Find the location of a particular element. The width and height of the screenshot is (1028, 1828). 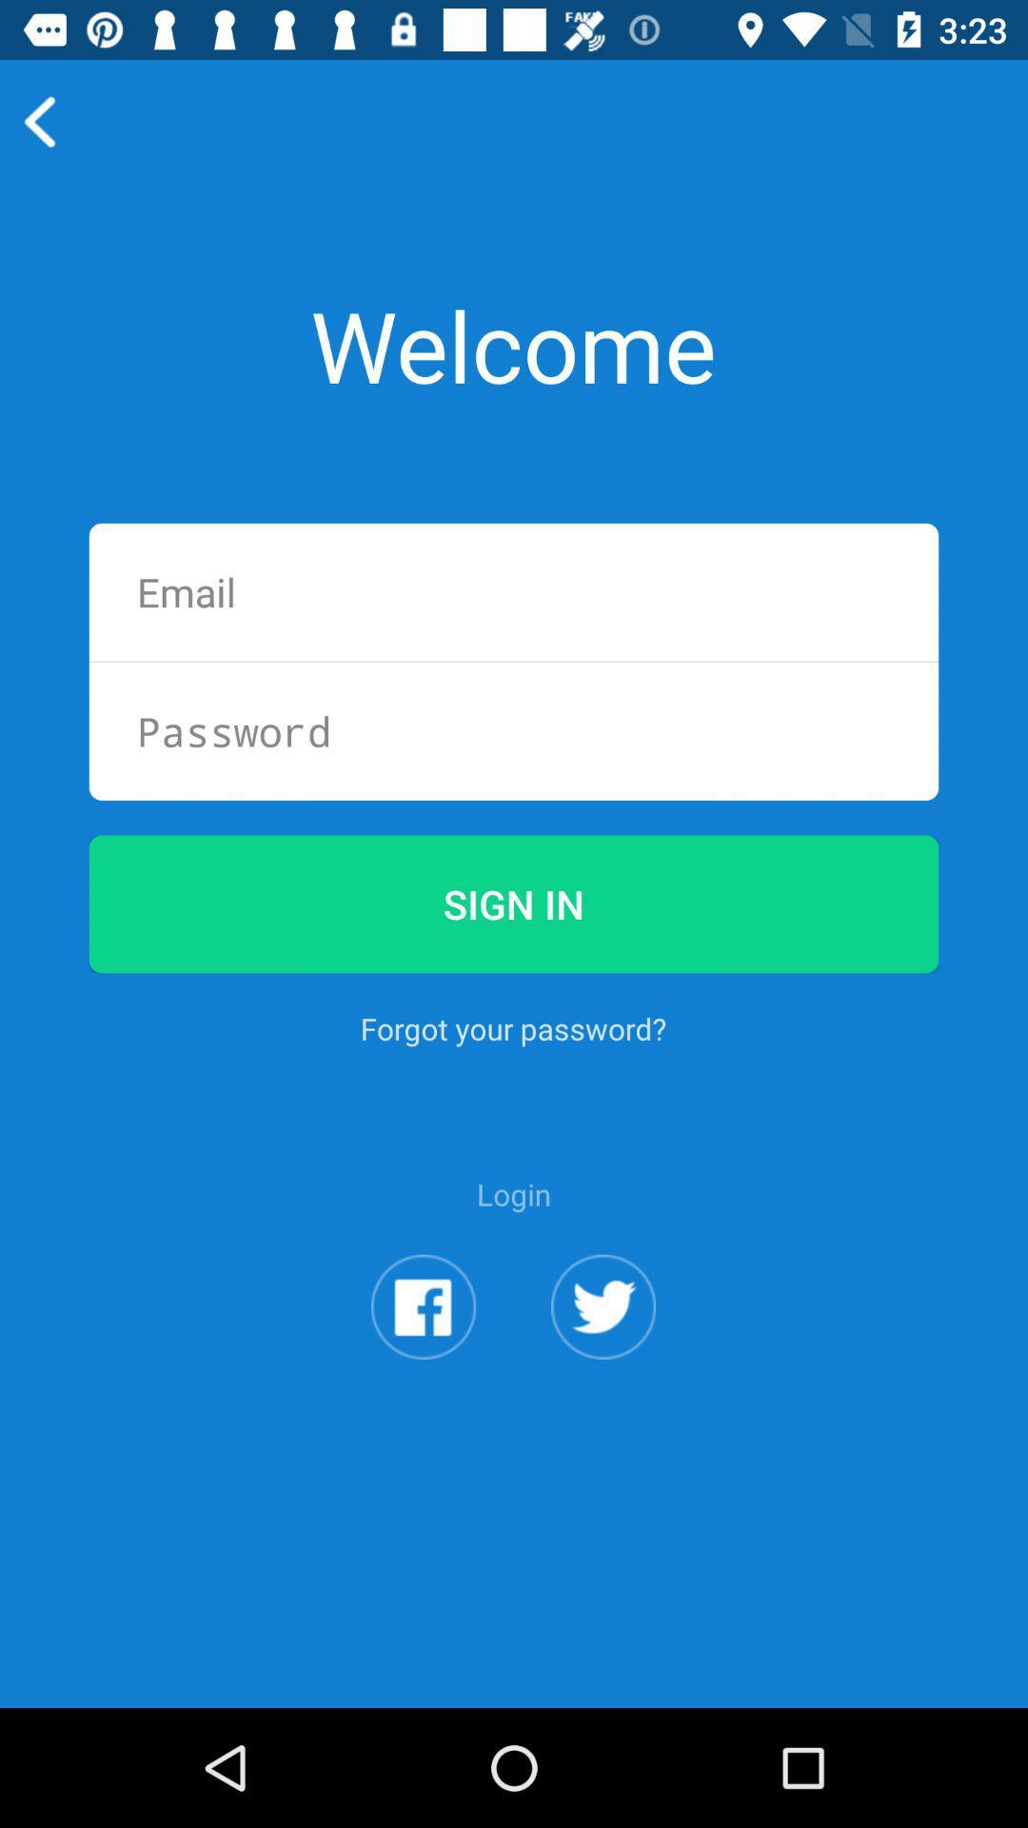

the password is located at coordinates (514, 730).